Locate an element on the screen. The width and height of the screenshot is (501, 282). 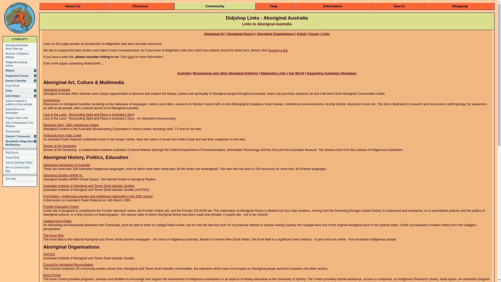
'About Us' is located at coordinates (72, 6).